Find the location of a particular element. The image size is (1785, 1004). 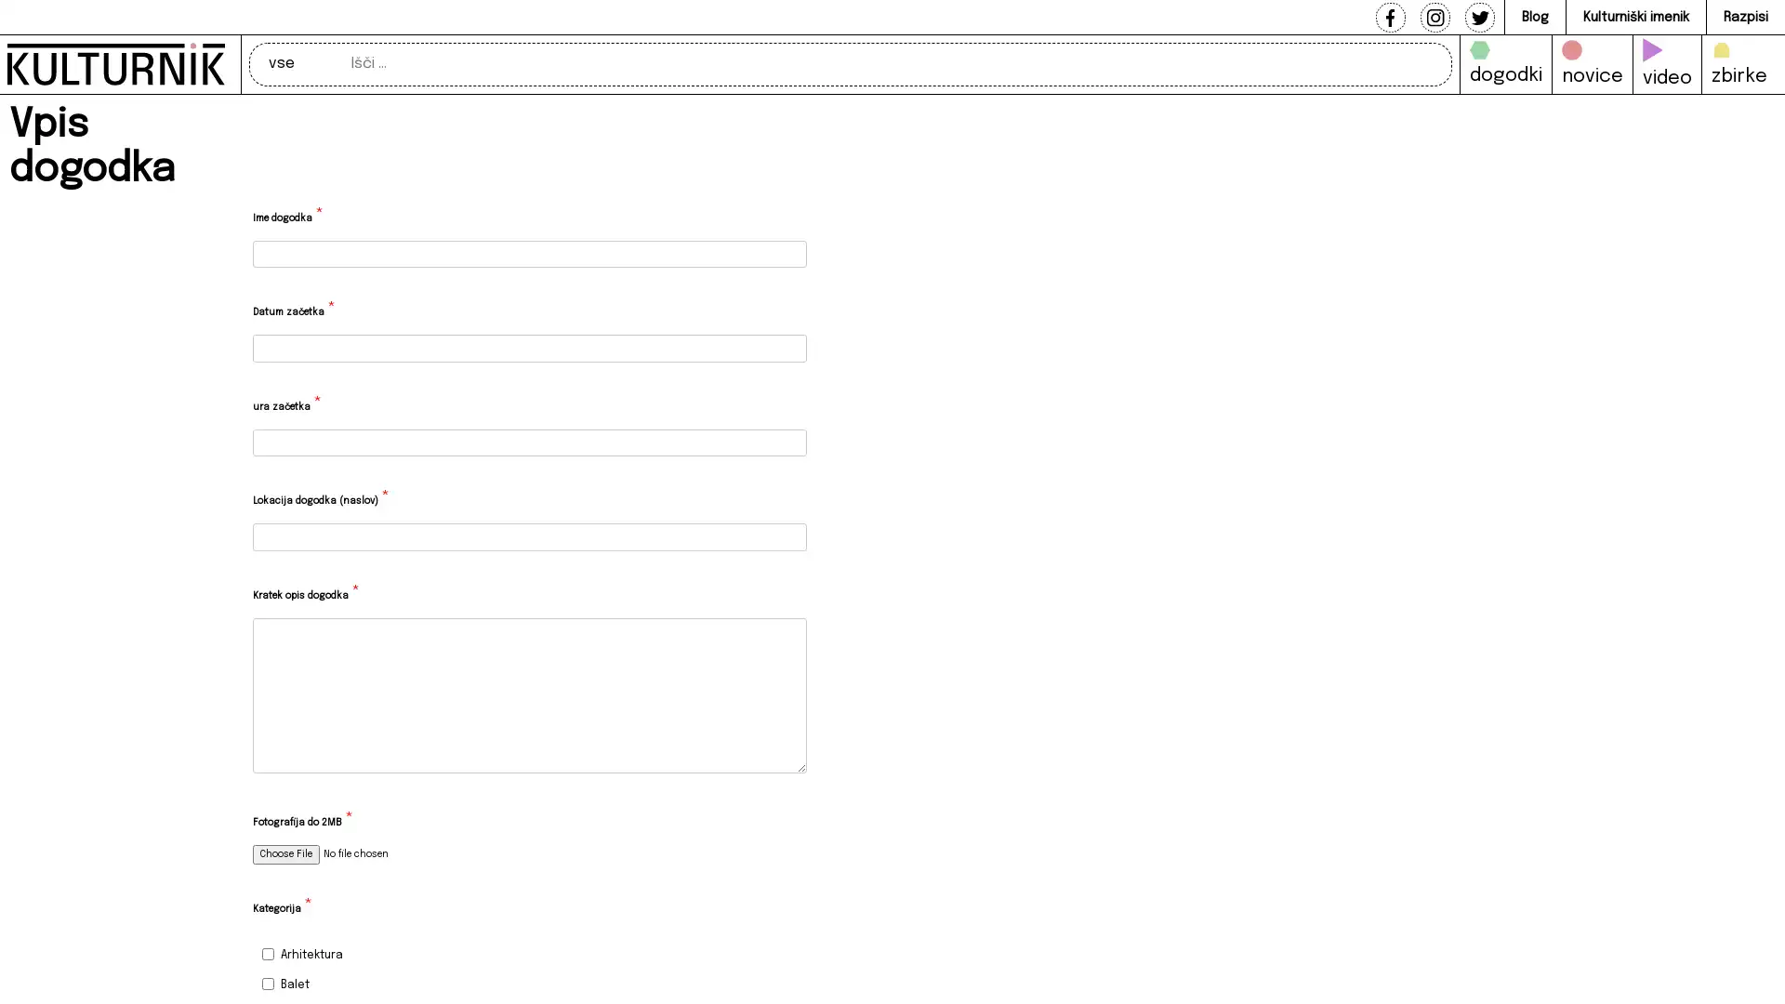

Fotografija do 2MB * is located at coordinates (348, 853).